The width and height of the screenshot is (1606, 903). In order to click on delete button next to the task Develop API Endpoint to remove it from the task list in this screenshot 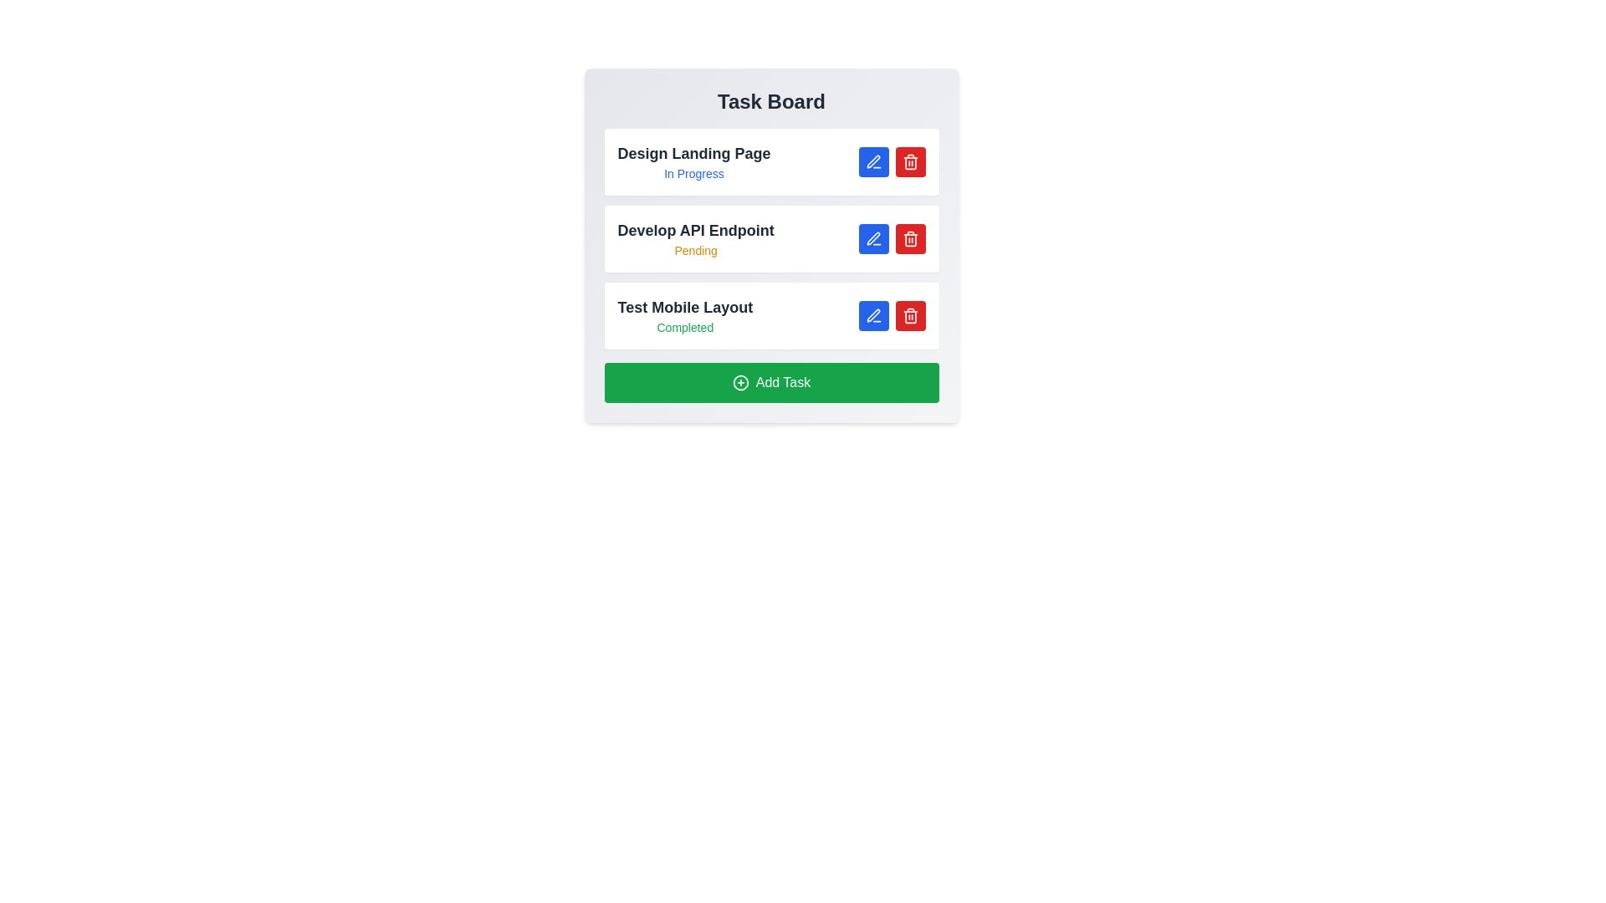, I will do `click(909, 238)`.